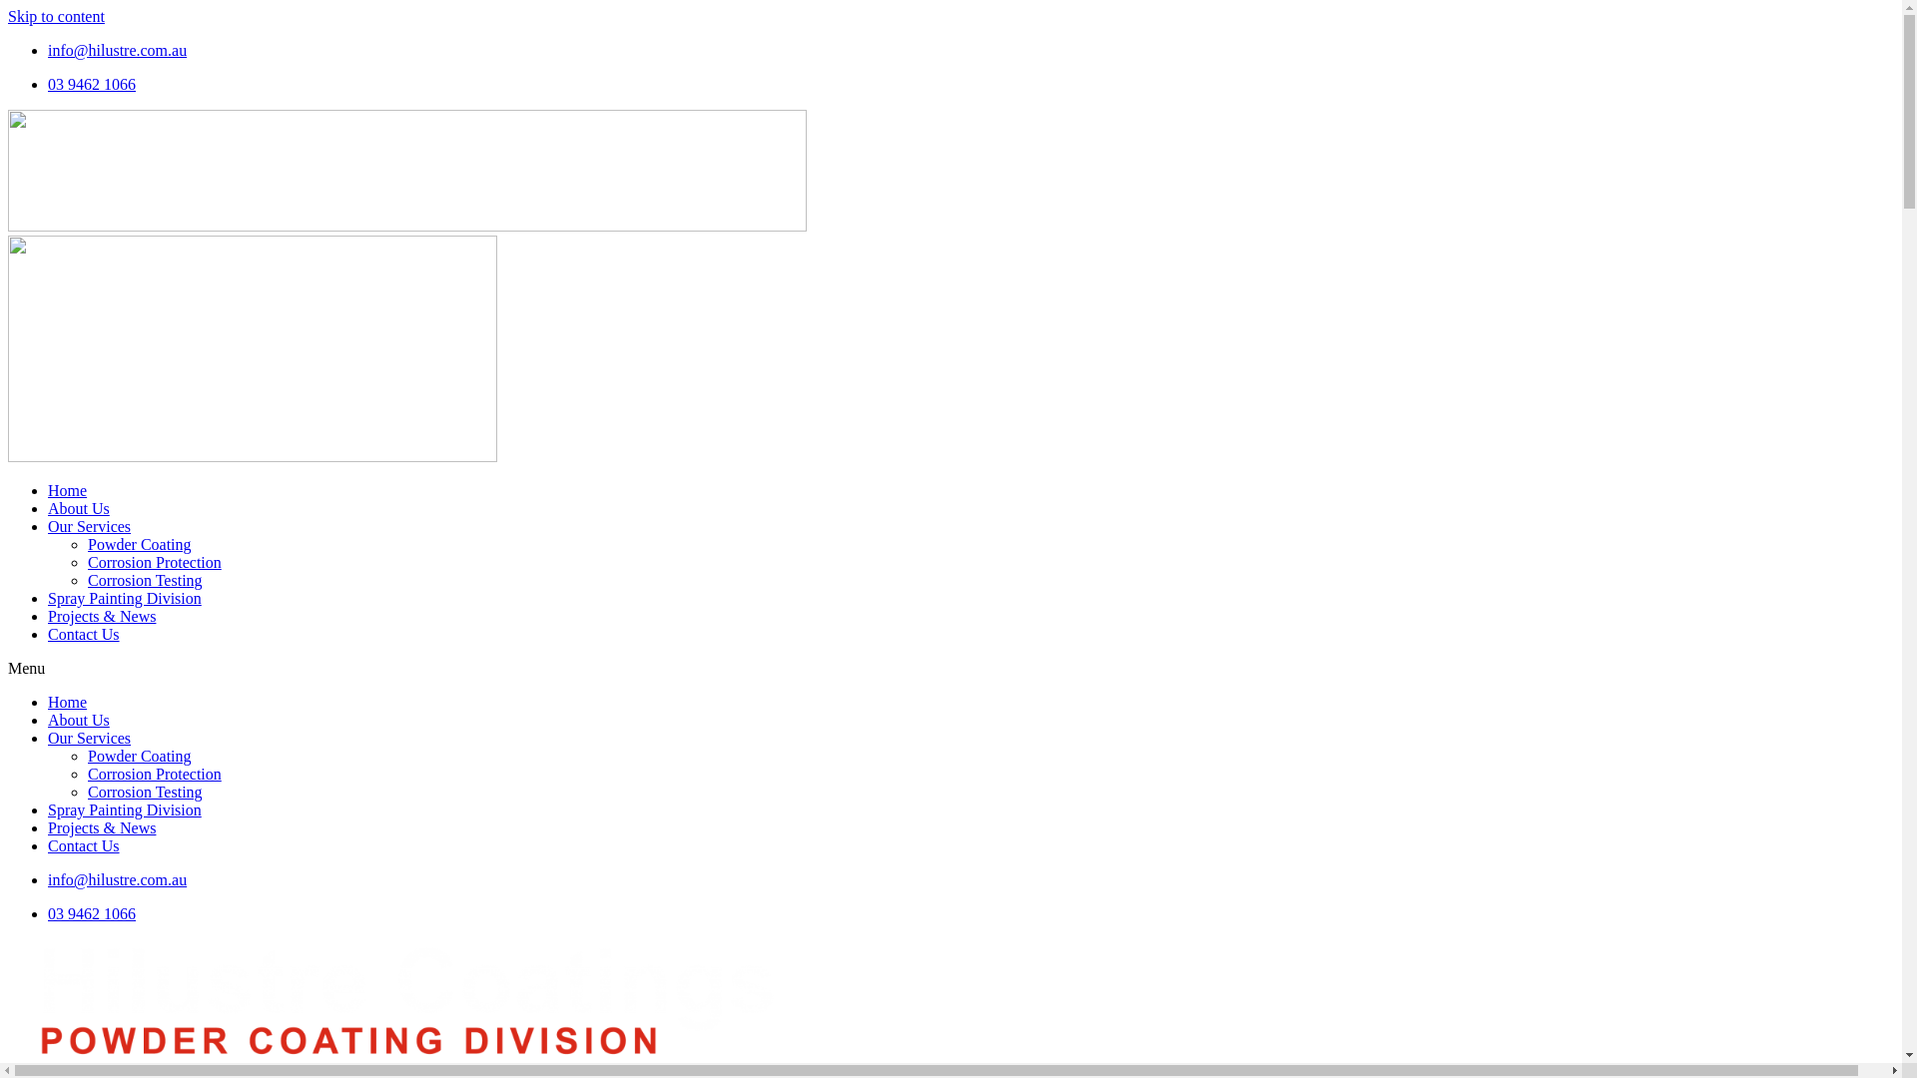  Describe the element at coordinates (90, 83) in the screenshot. I see `'03 9462 1066'` at that location.